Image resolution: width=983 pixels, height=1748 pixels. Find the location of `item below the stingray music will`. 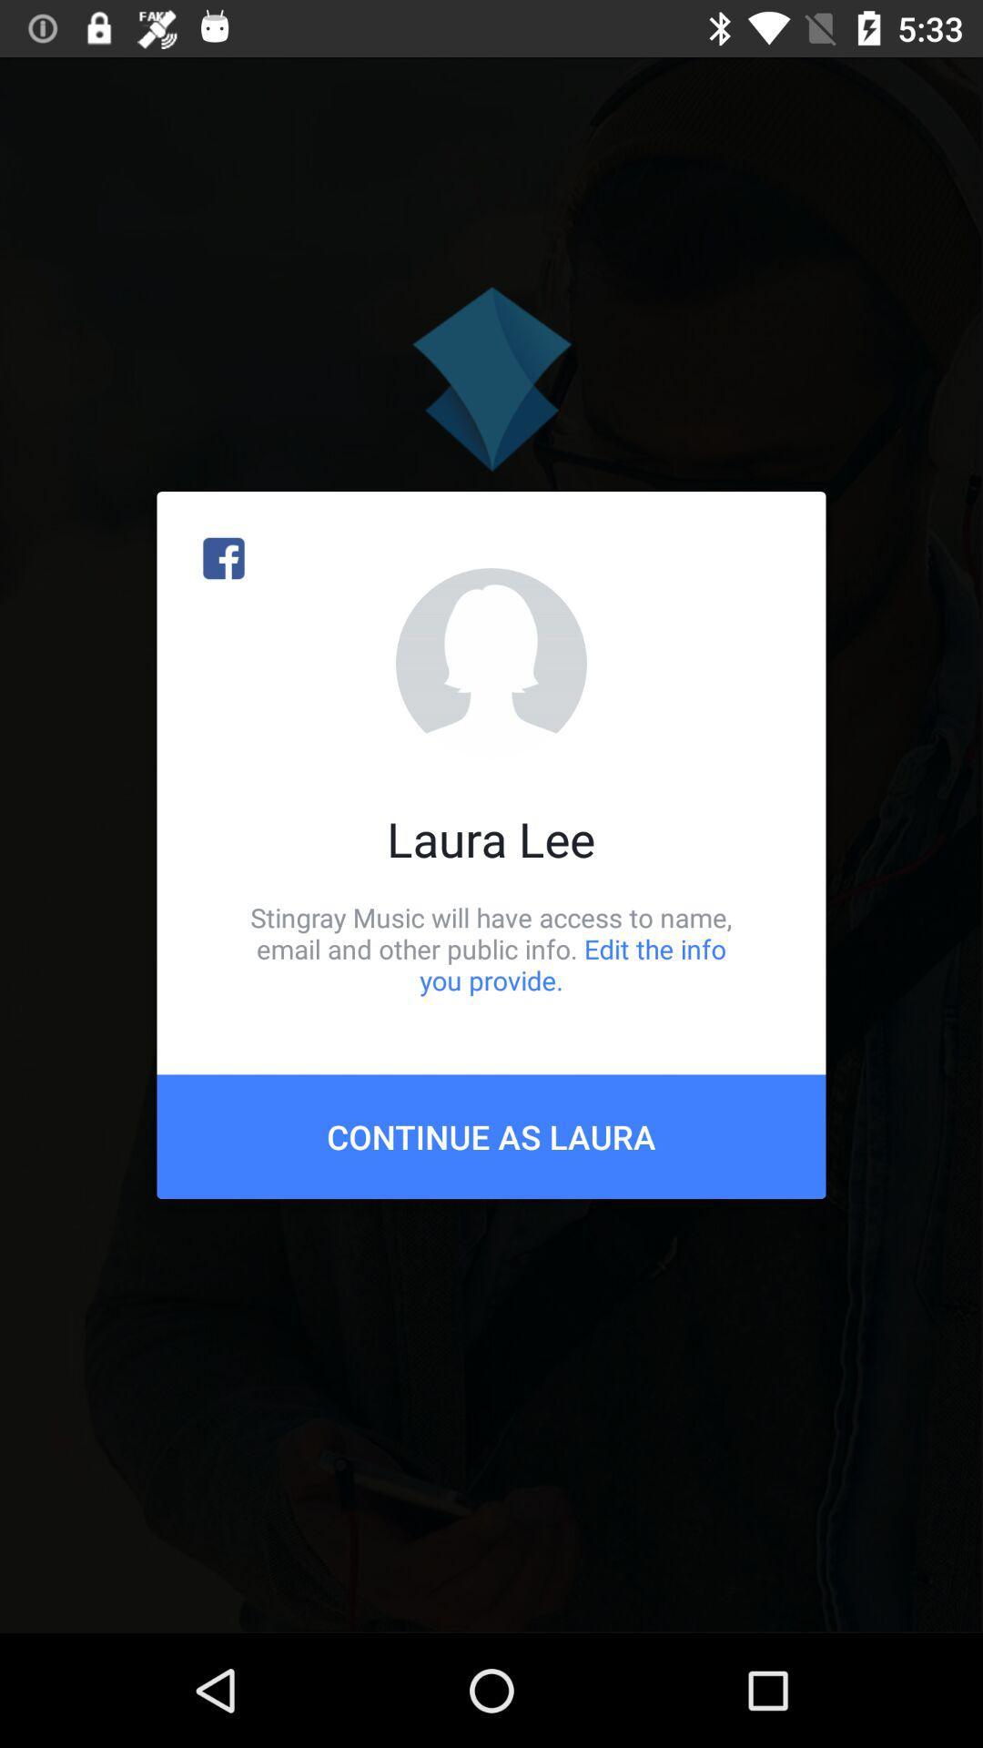

item below the stingray music will is located at coordinates (491, 1135).